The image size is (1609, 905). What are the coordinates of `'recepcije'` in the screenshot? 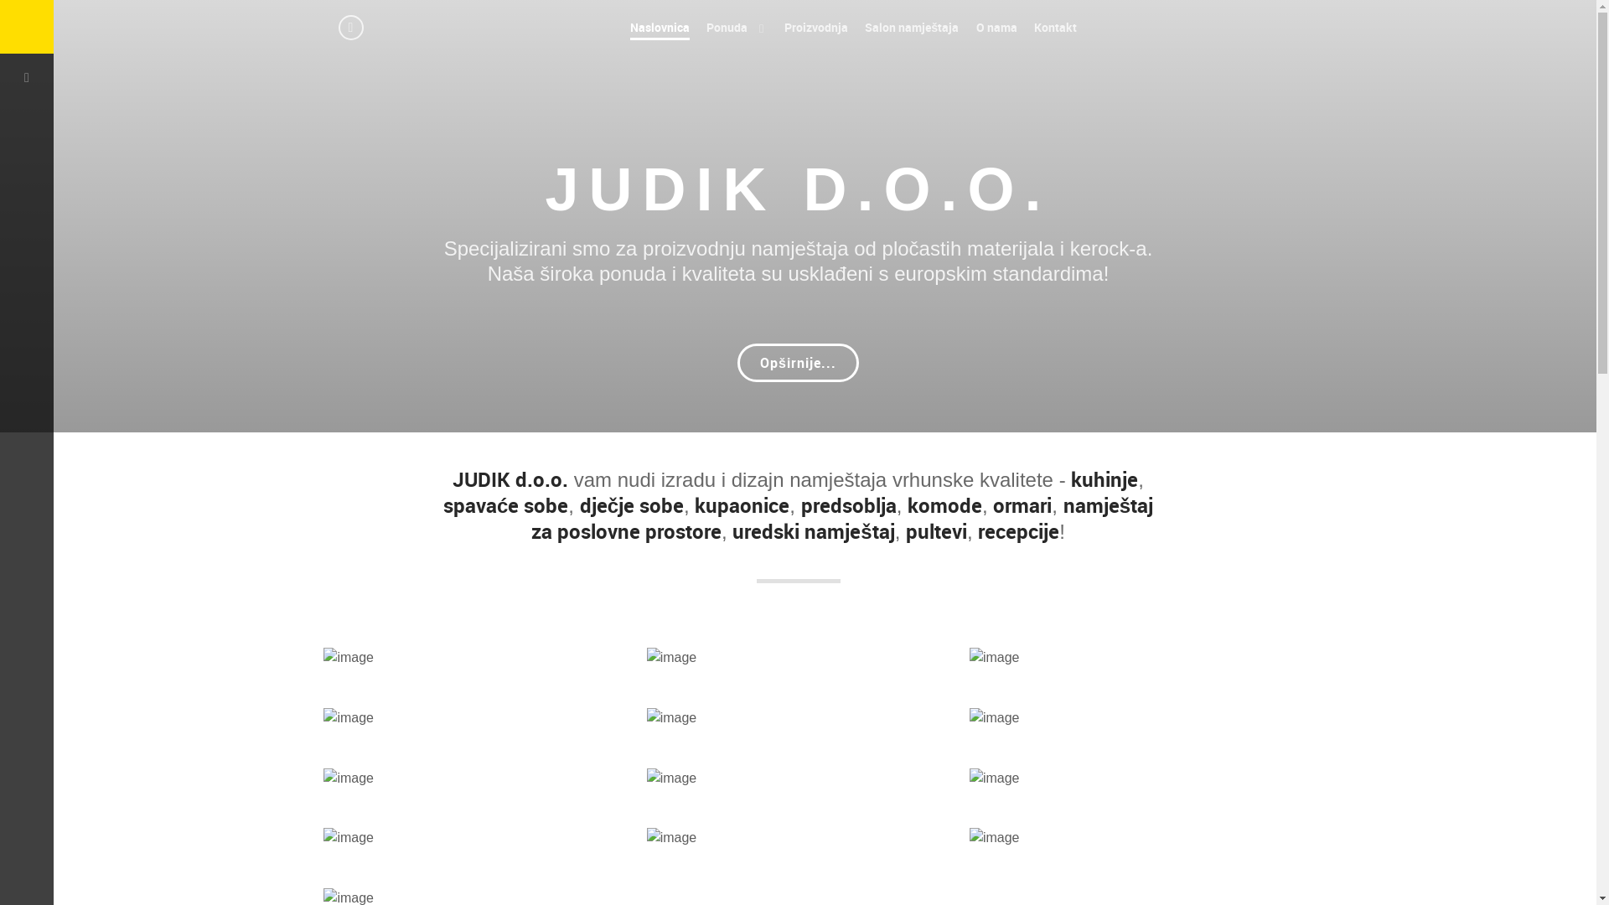 It's located at (1017, 530).